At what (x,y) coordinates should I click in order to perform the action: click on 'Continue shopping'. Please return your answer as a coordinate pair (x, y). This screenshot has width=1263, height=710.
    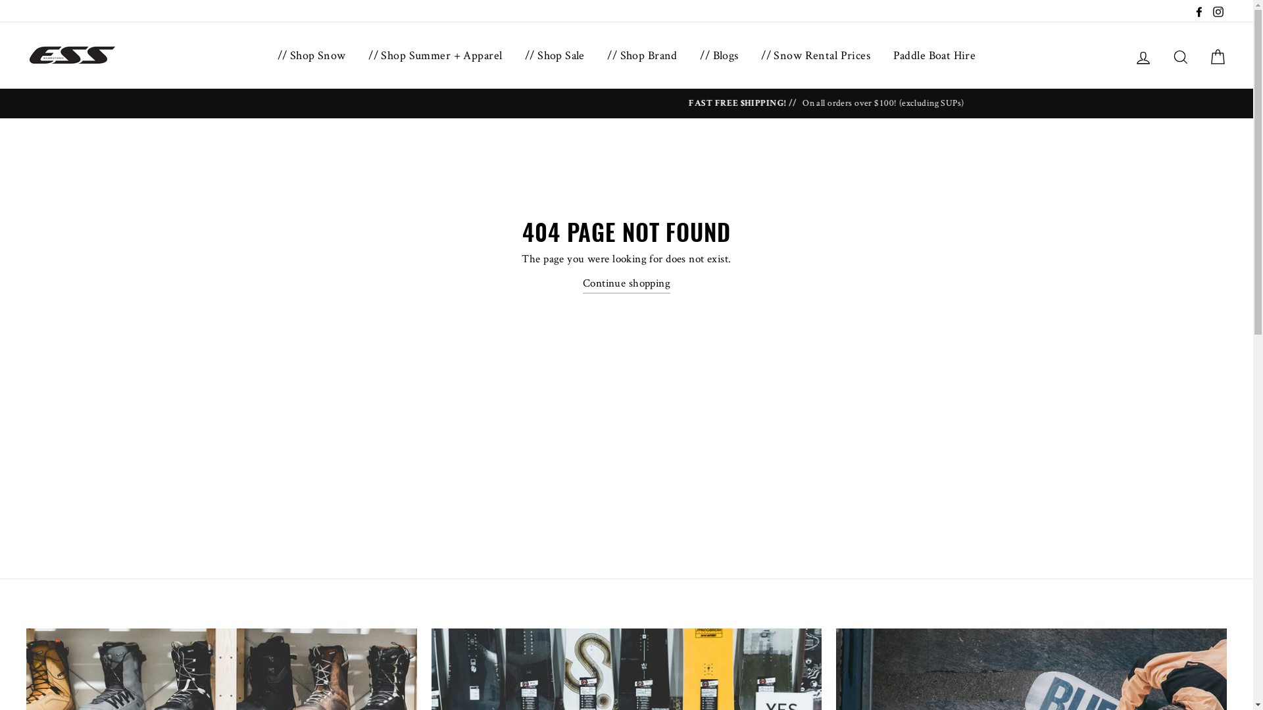
    Looking at the image, I should click on (626, 283).